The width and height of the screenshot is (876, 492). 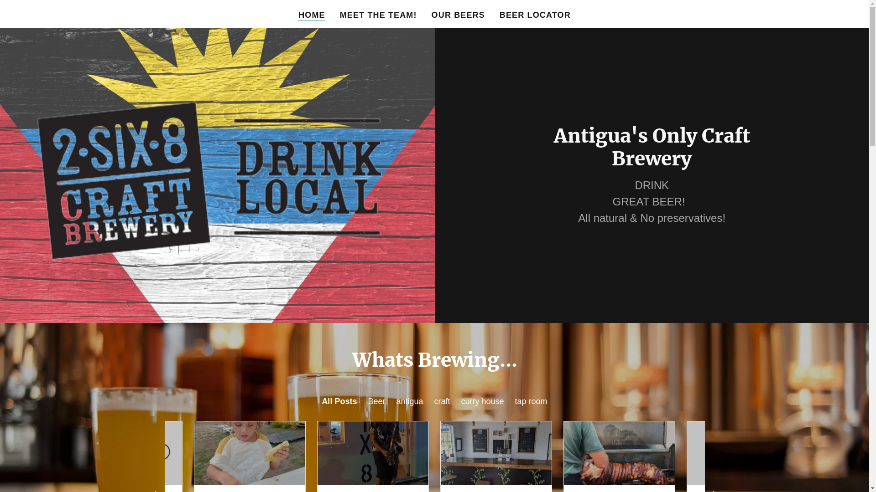 What do you see at coordinates (458, 15) in the screenshot?
I see `'OUR BEERS'` at bounding box center [458, 15].